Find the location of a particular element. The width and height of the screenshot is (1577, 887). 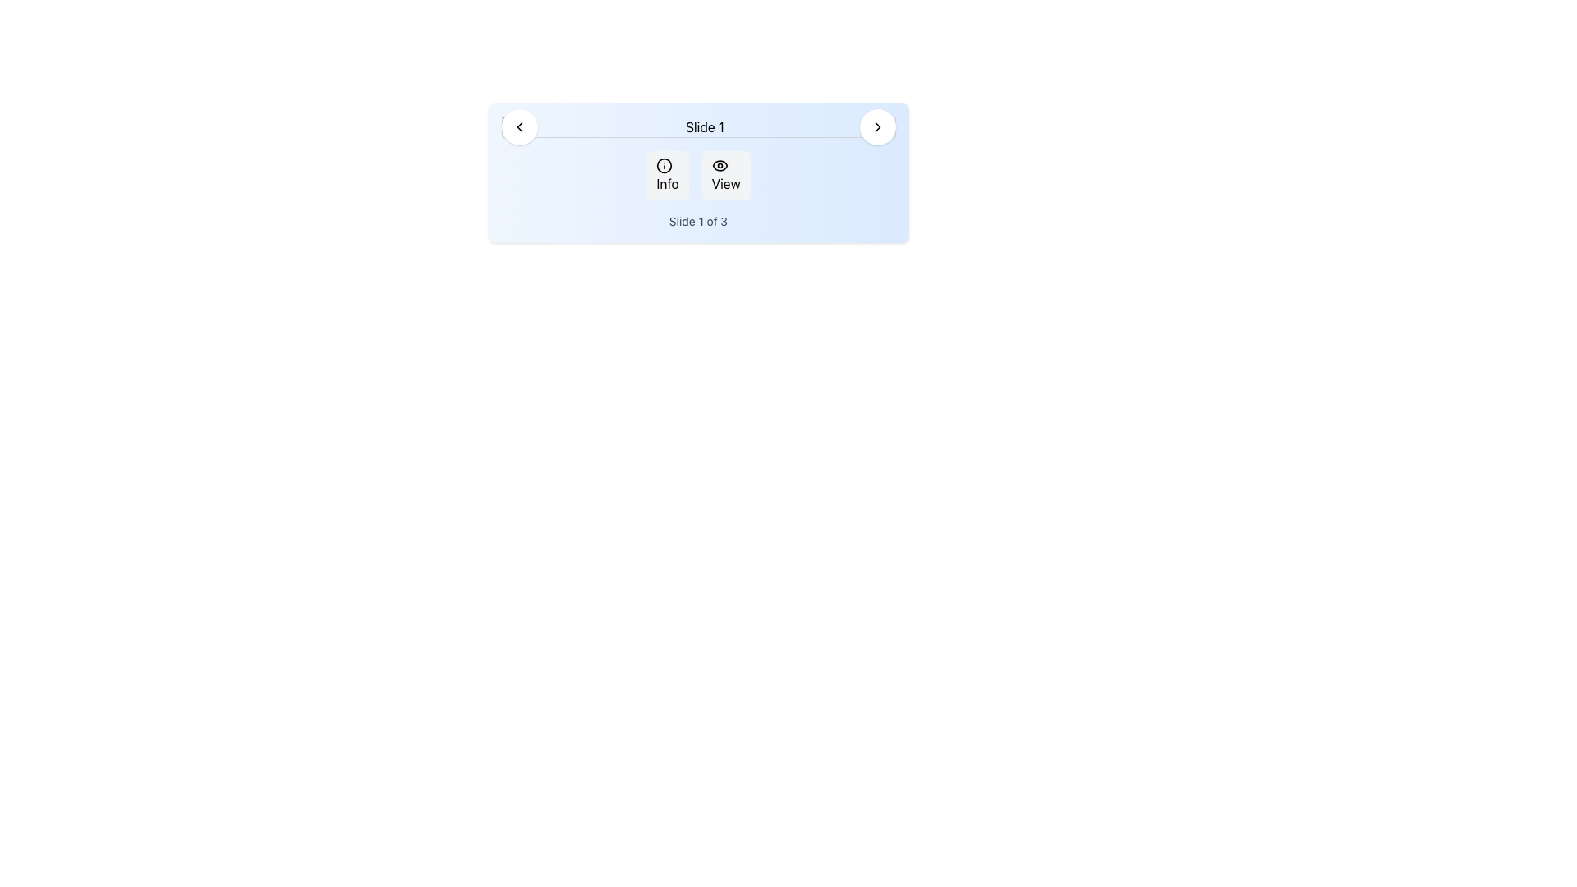

the rectangular image placeholder with a light gray background and thin gray border is located at coordinates (698, 126).